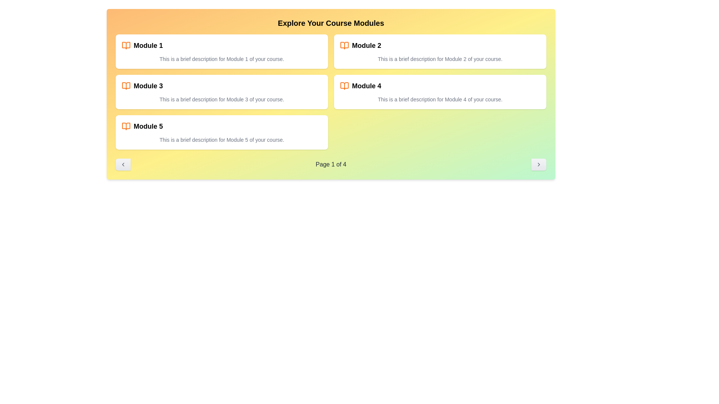 This screenshot has height=404, width=719. Describe the element at coordinates (330, 164) in the screenshot. I see `the text element displaying 'Page 1 of 4', which is located at the bottom center of the 'Explore Your Course Modules' section, aligned between two navigation buttons` at that location.